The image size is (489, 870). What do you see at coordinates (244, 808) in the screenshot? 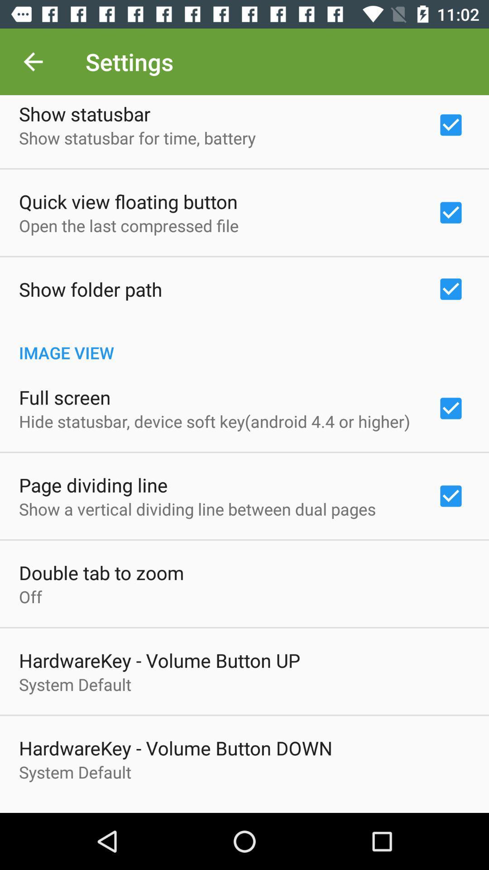
I see `item below system default` at bounding box center [244, 808].